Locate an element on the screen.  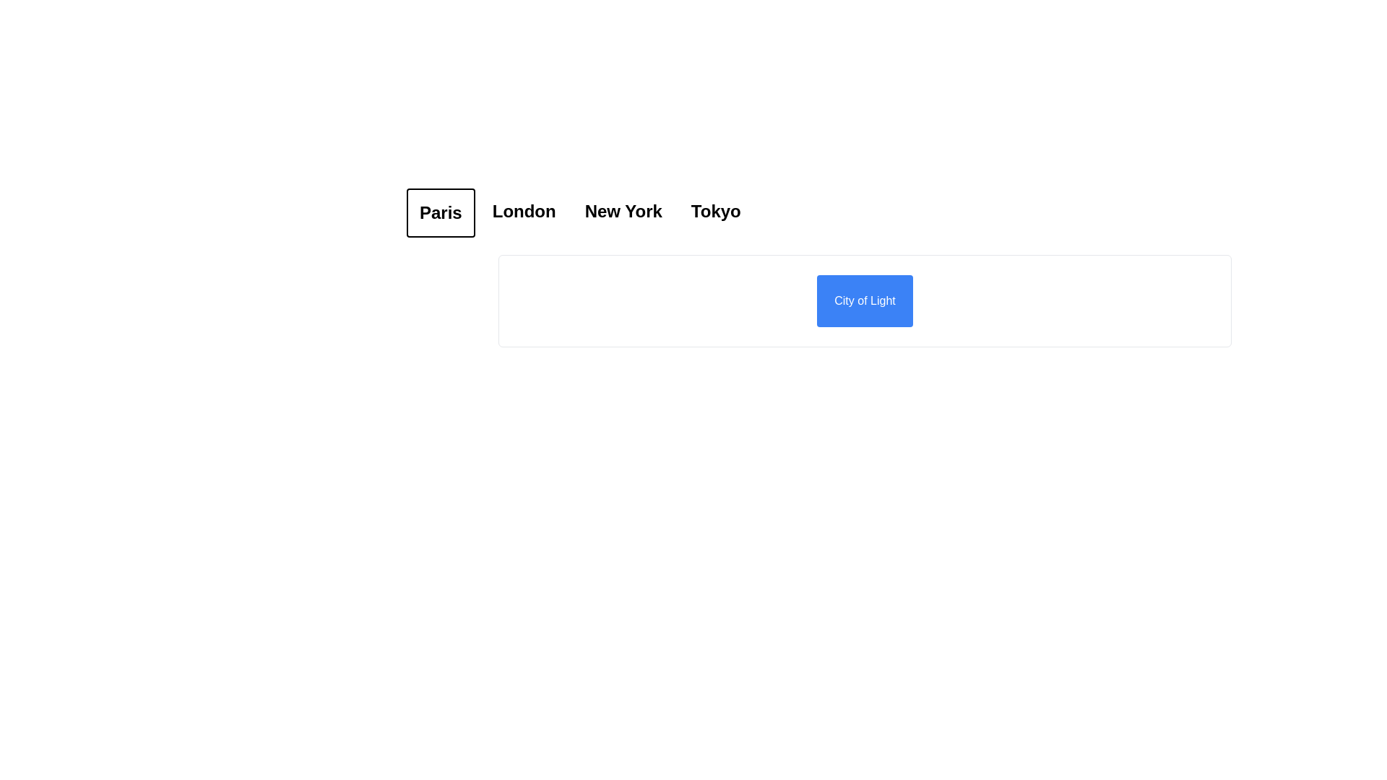
the 'London' button is located at coordinates (523, 212).